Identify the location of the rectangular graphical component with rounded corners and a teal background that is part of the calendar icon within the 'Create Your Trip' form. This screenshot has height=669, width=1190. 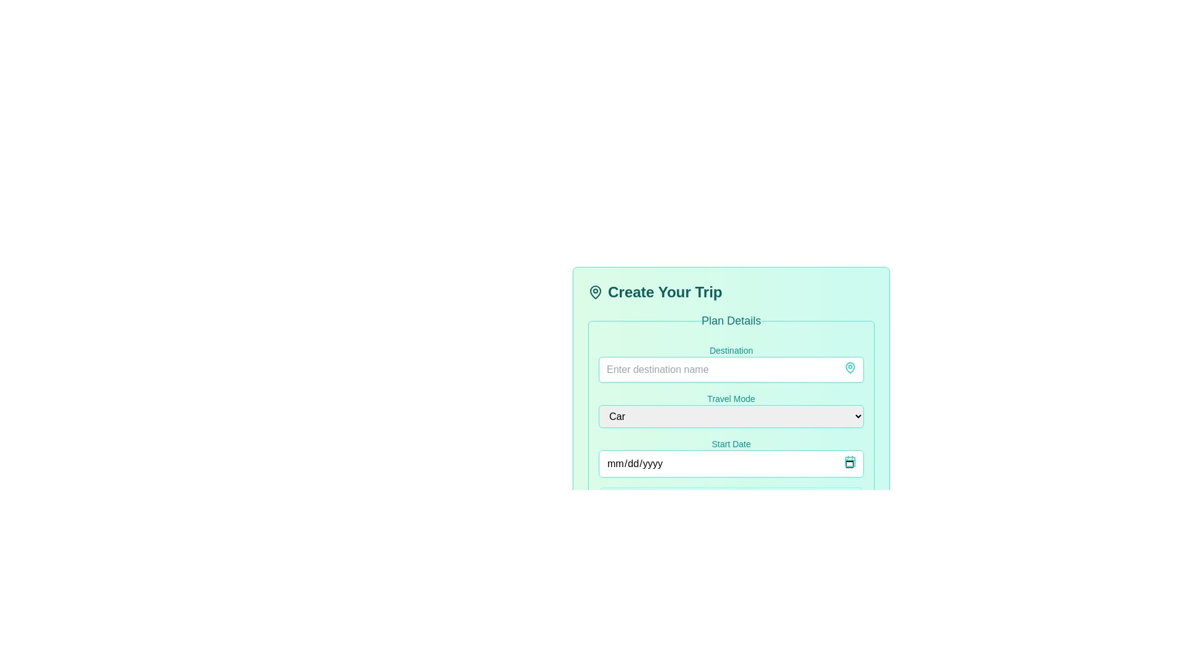
(850, 461).